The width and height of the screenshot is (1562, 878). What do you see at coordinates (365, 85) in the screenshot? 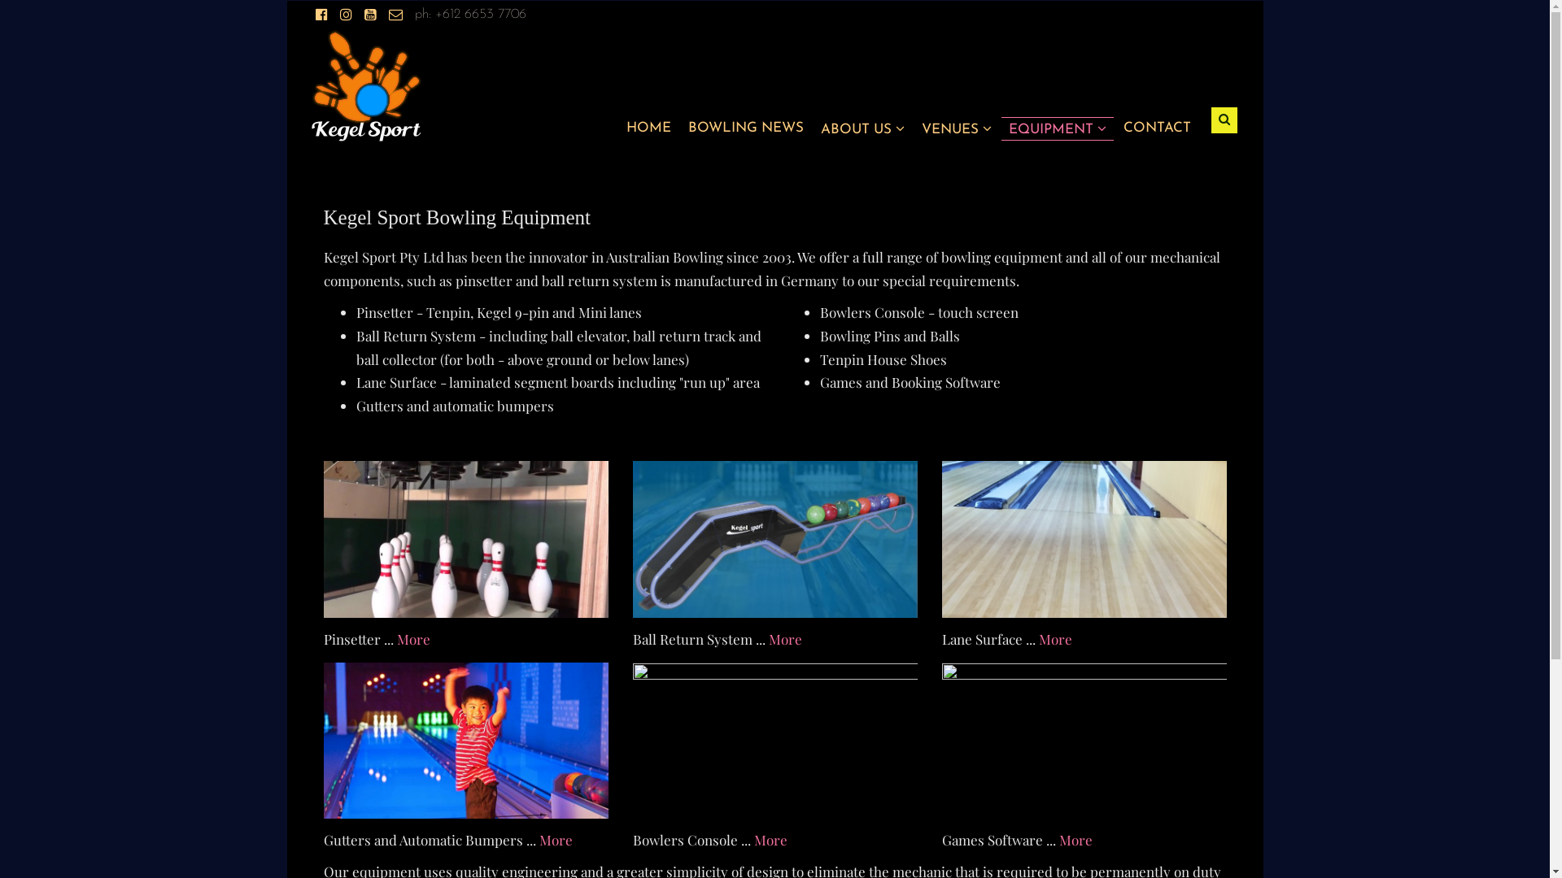
I see `'Kegel Sport'` at bounding box center [365, 85].